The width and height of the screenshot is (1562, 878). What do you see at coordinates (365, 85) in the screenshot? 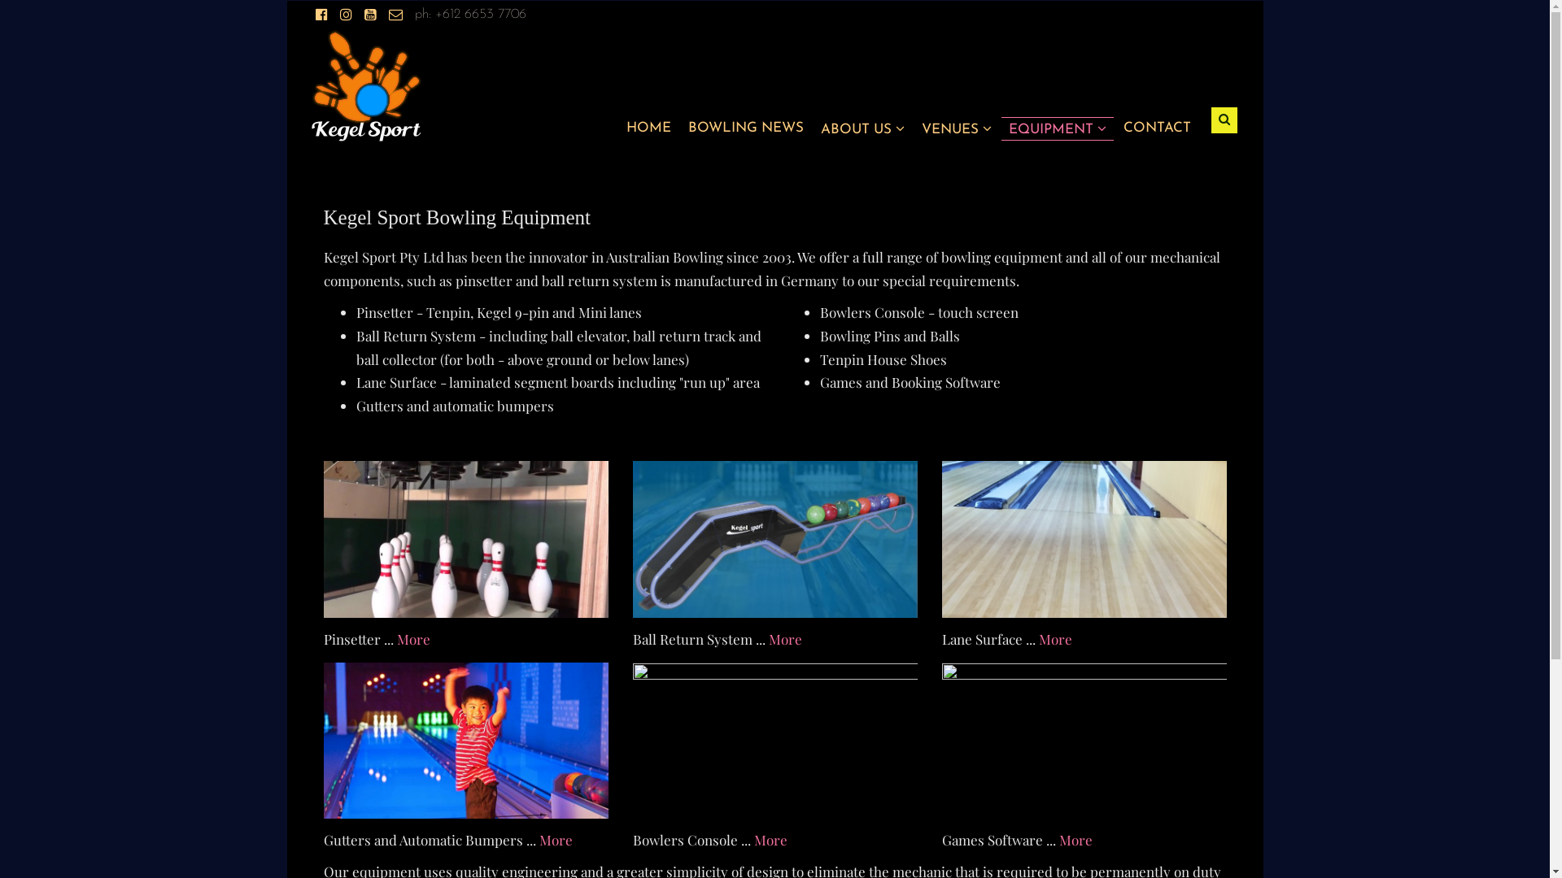
I see `'Kegel Sport'` at bounding box center [365, 85].